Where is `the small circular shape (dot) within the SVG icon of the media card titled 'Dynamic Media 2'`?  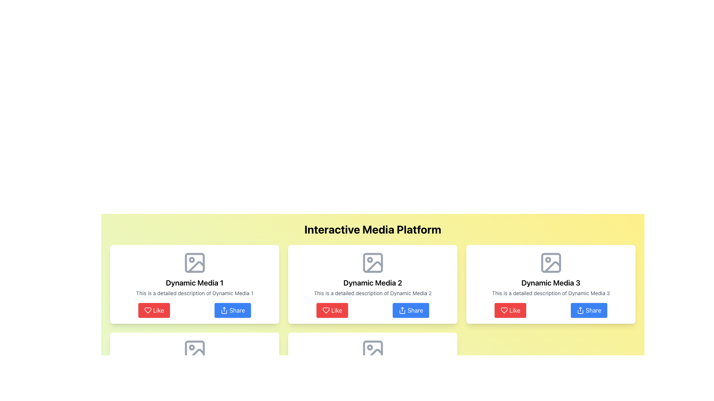
the small circular shape (dot) within the SVG icon of the media card titled 'Dynamic Media 2' is located at coordinates (370, 348).